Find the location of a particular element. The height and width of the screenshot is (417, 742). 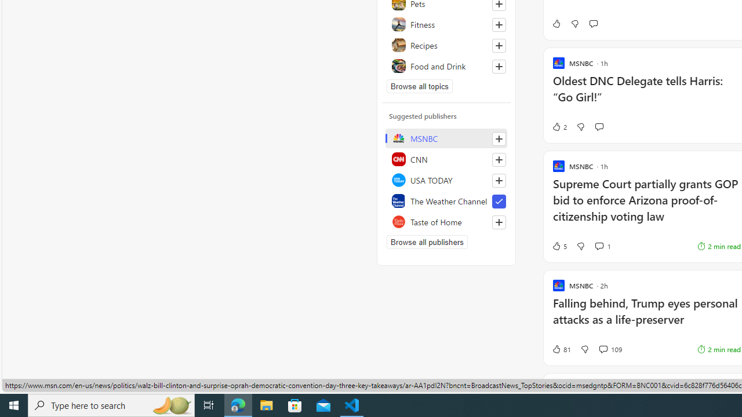

'Like' is located at coordinates (555, 24).